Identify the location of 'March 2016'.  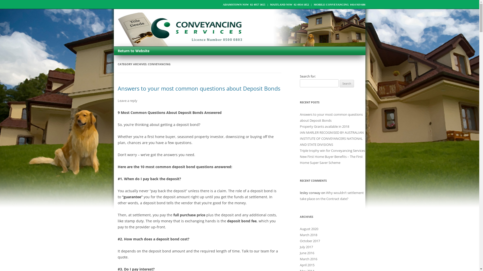
(300, 259).